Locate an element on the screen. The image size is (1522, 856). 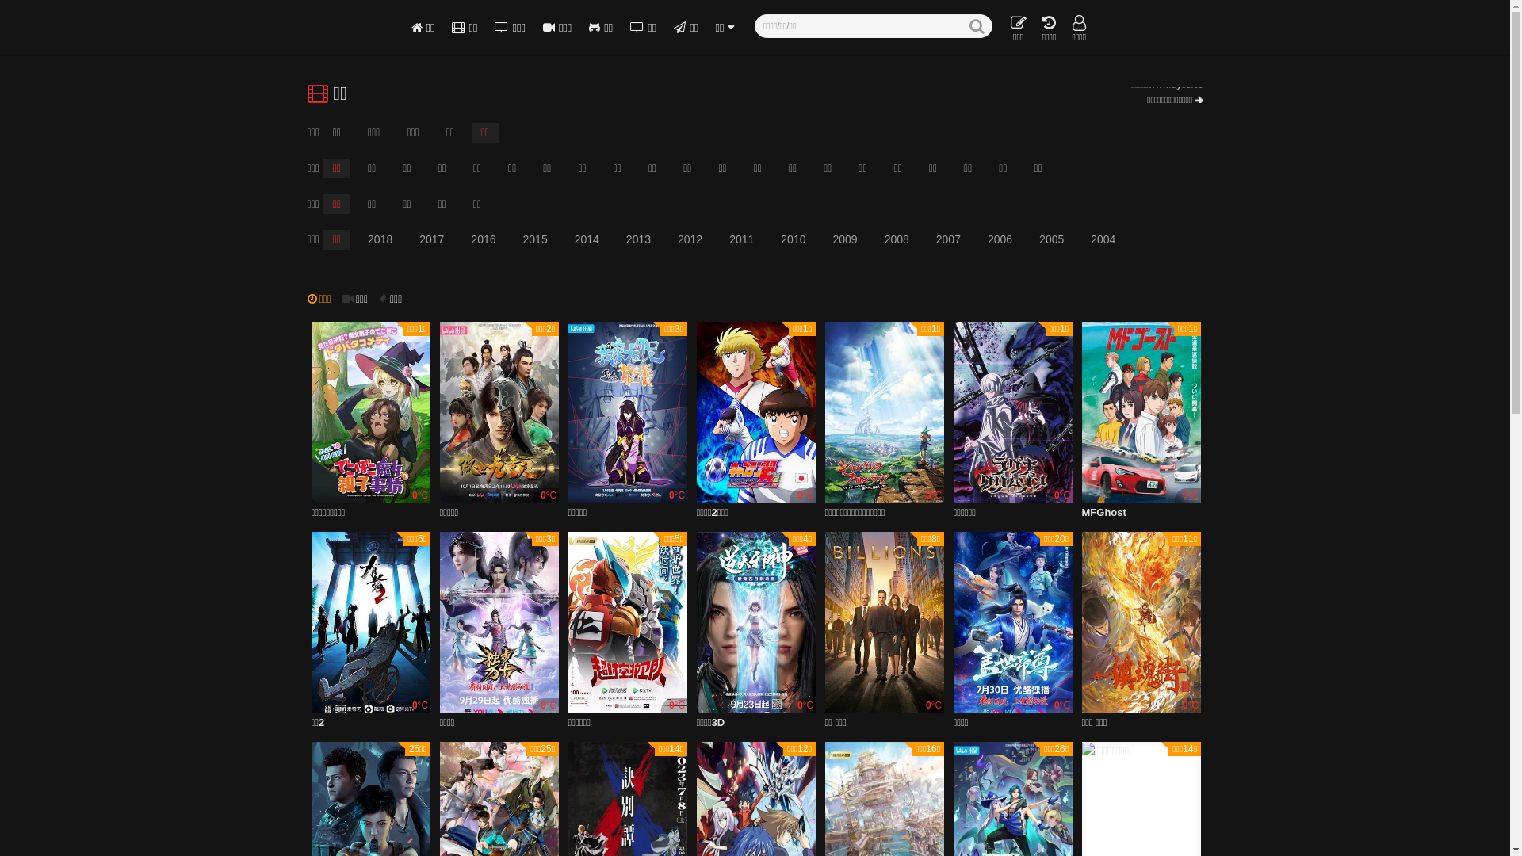
'2004' is located at coordinates (1080, 239).